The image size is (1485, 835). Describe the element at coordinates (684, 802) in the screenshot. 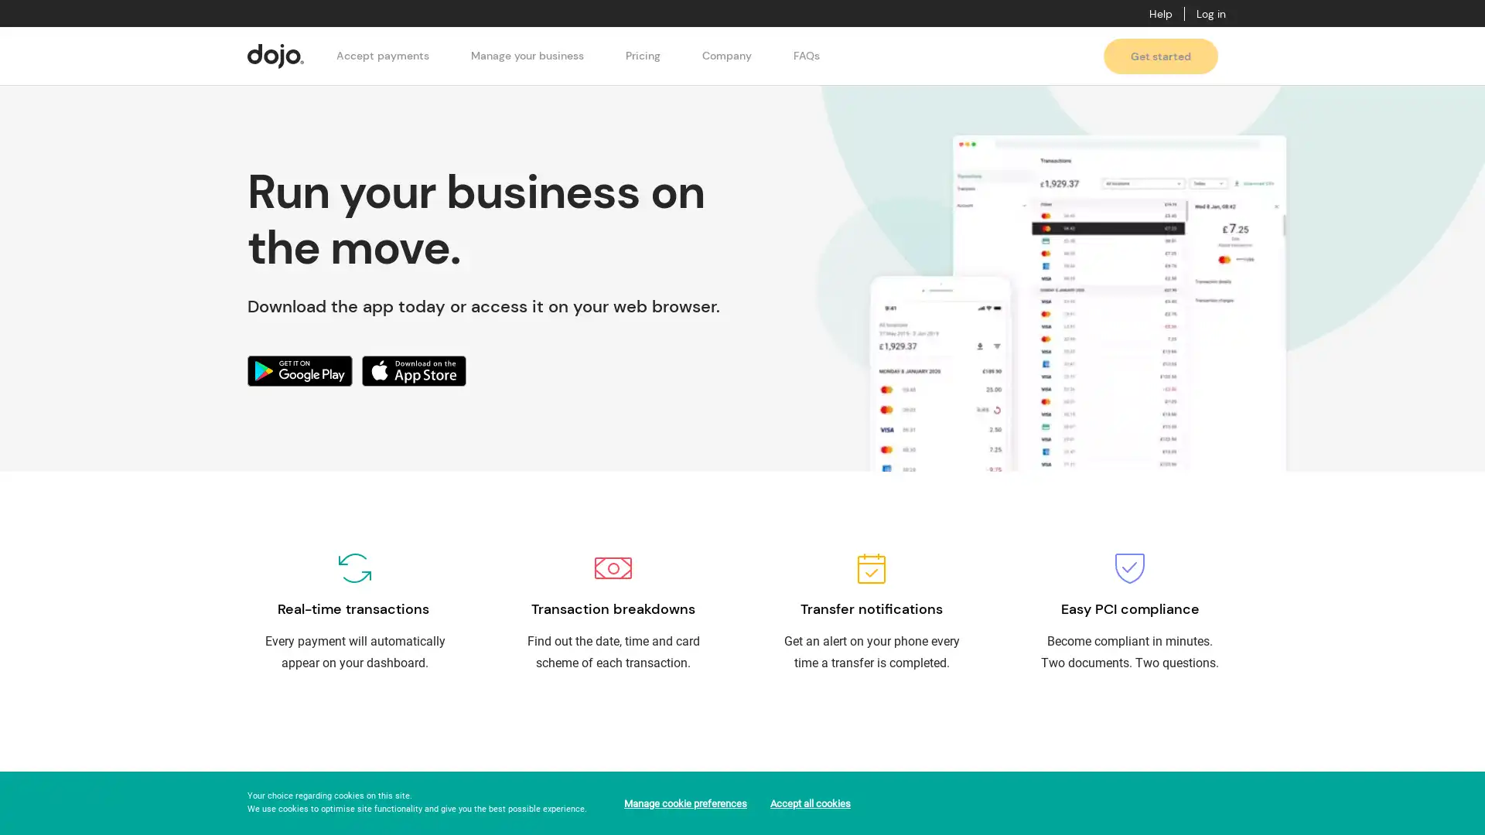

I see `Manage cookie preferences` at that location.